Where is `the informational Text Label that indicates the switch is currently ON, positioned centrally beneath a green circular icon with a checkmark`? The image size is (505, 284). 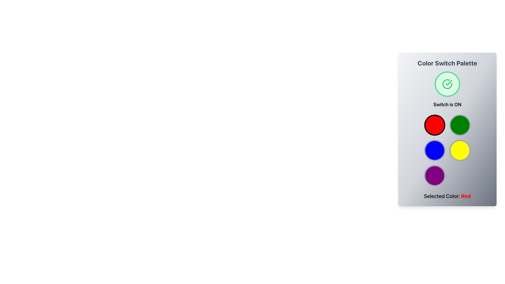 the informational Text Label that indicates the switch is currently ON, positioned centrally beneath a green circular icon with a checkmark is located at coordinates (447, 104).